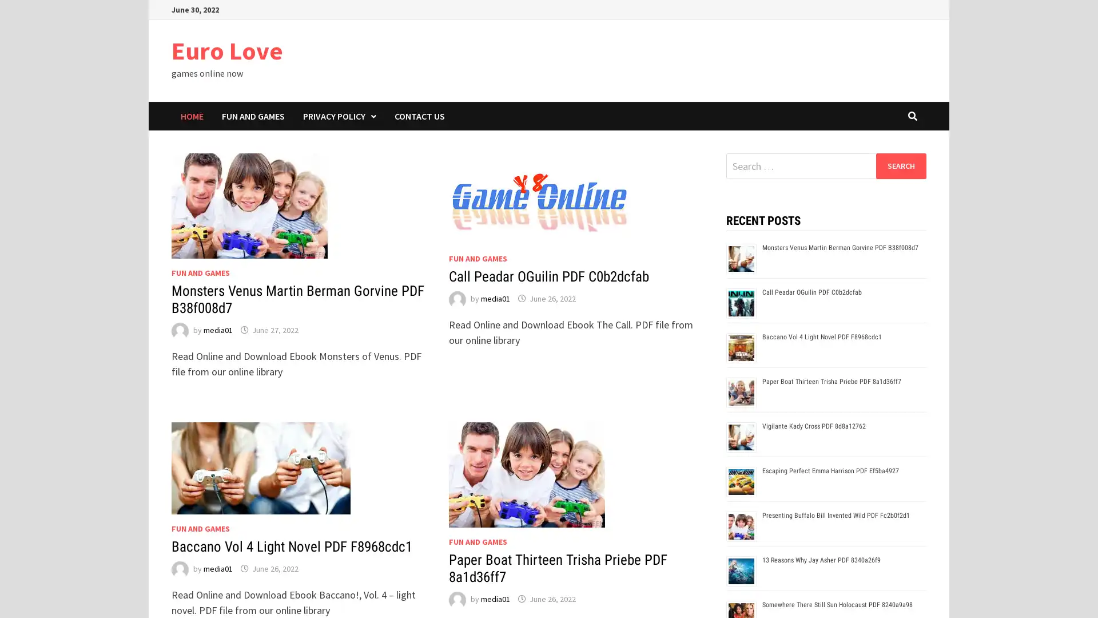  Describe the element at coordinates (900, 165) in the screenshot. I see `Search` at that location.